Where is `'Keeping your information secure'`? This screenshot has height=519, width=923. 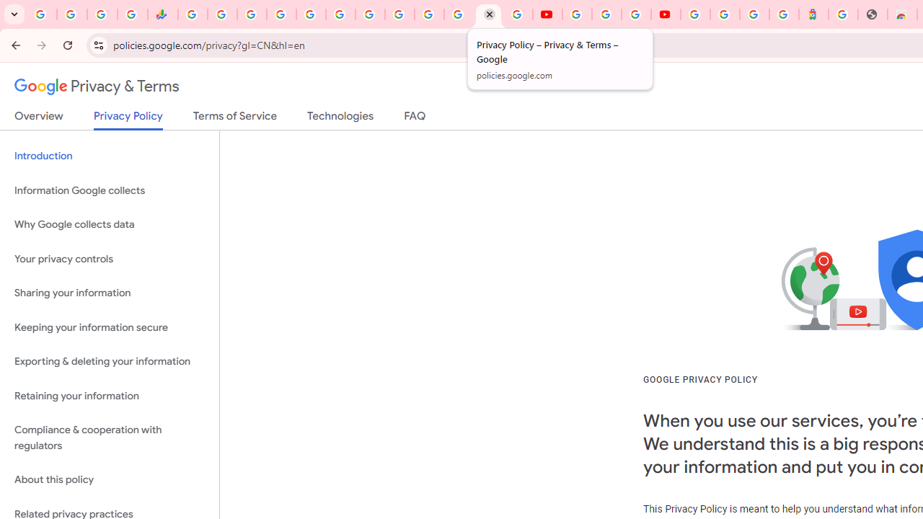 'Keeping your information secure' is located at coordinates (109, 327).